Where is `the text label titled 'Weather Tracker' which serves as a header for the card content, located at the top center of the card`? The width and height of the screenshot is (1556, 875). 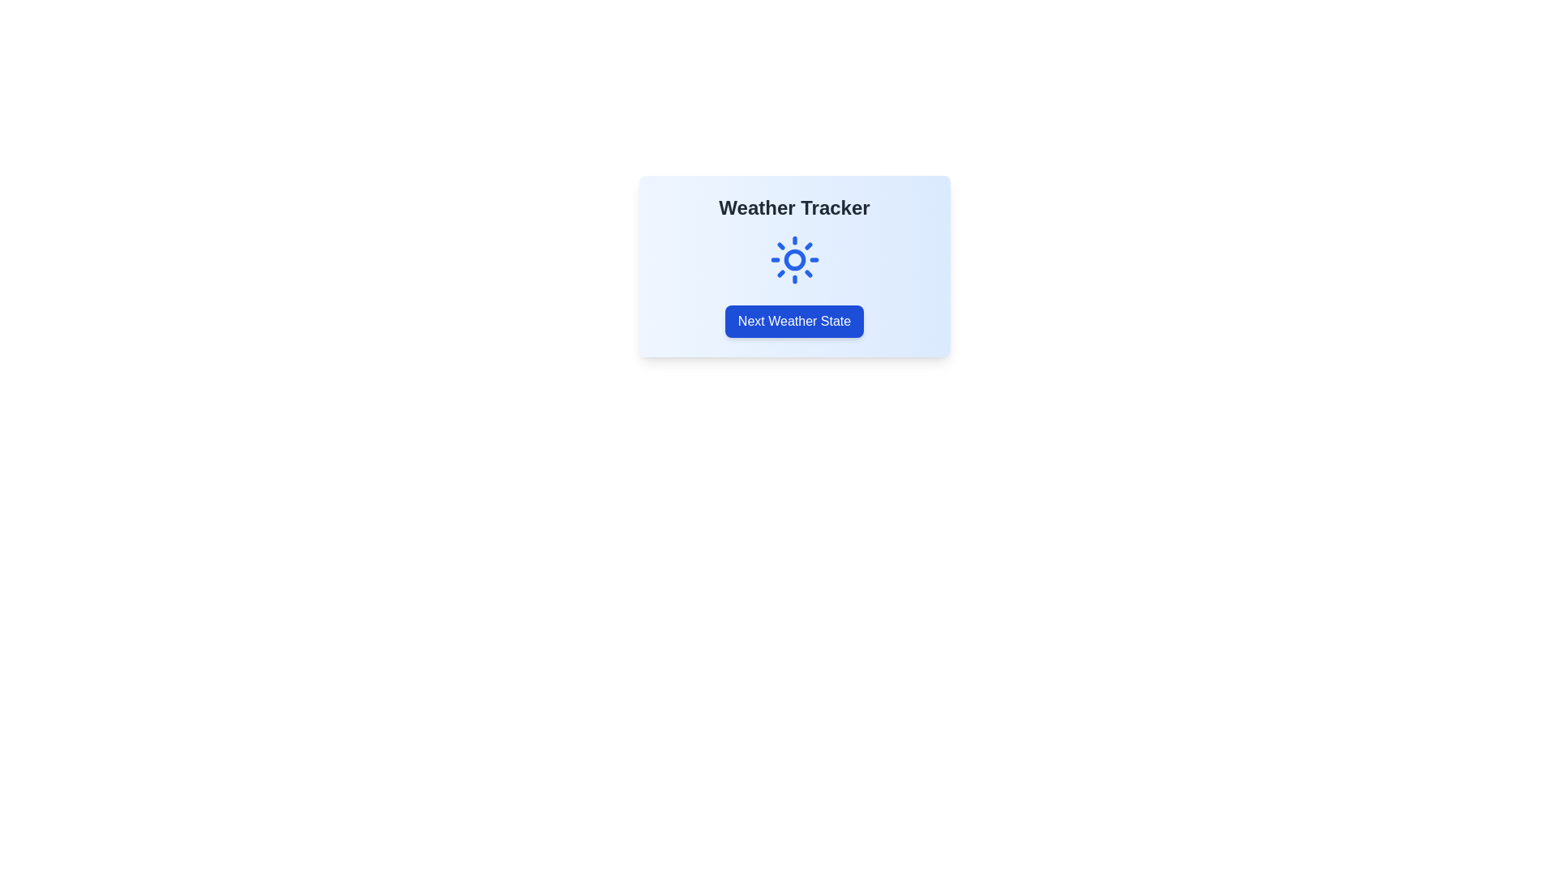
the text label titled 'Weather Tracker' which serves as a header for the card content, located at the top center of the card is located at coordinates (794, 207).